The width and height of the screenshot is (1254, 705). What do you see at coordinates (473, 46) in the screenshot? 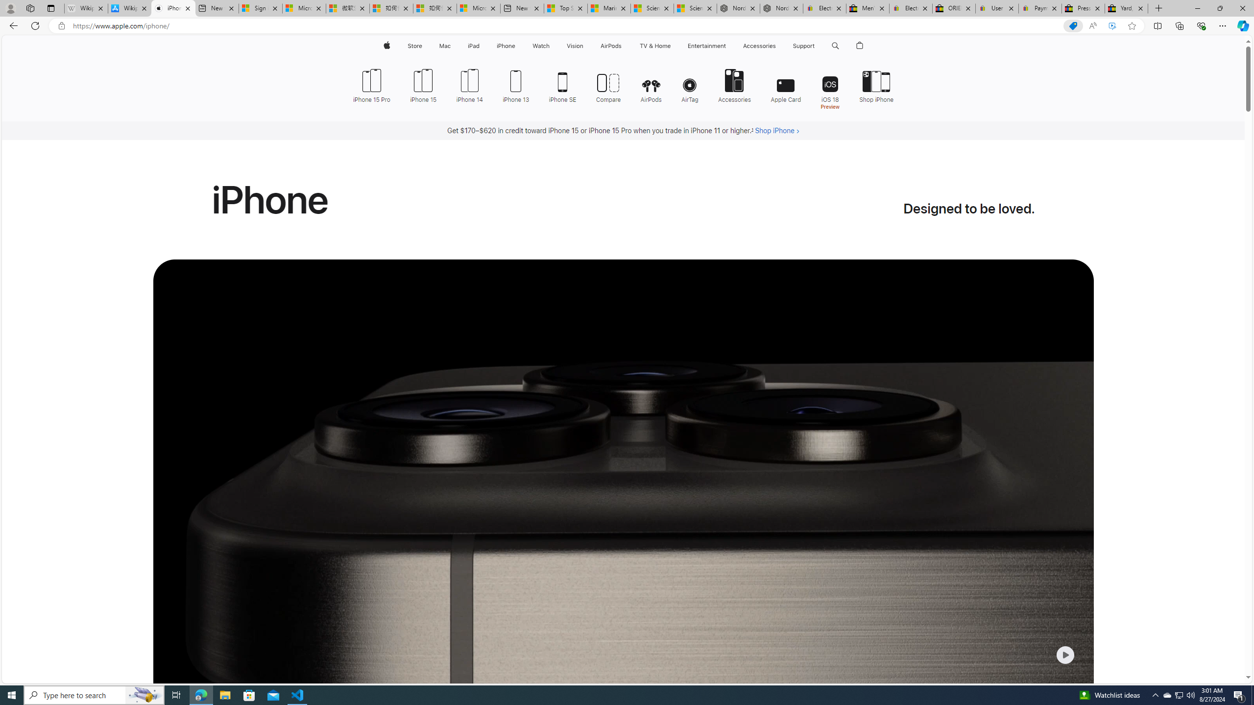
I see `'iPad'` at bounding box center [473, 46].